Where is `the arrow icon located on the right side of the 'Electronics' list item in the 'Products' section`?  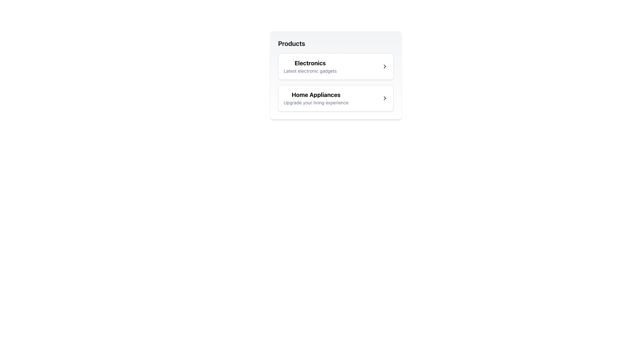
the arrow icon located on the right side of the 'Electronics' list item in the 'Products' section is located at coordinates (385, 66).